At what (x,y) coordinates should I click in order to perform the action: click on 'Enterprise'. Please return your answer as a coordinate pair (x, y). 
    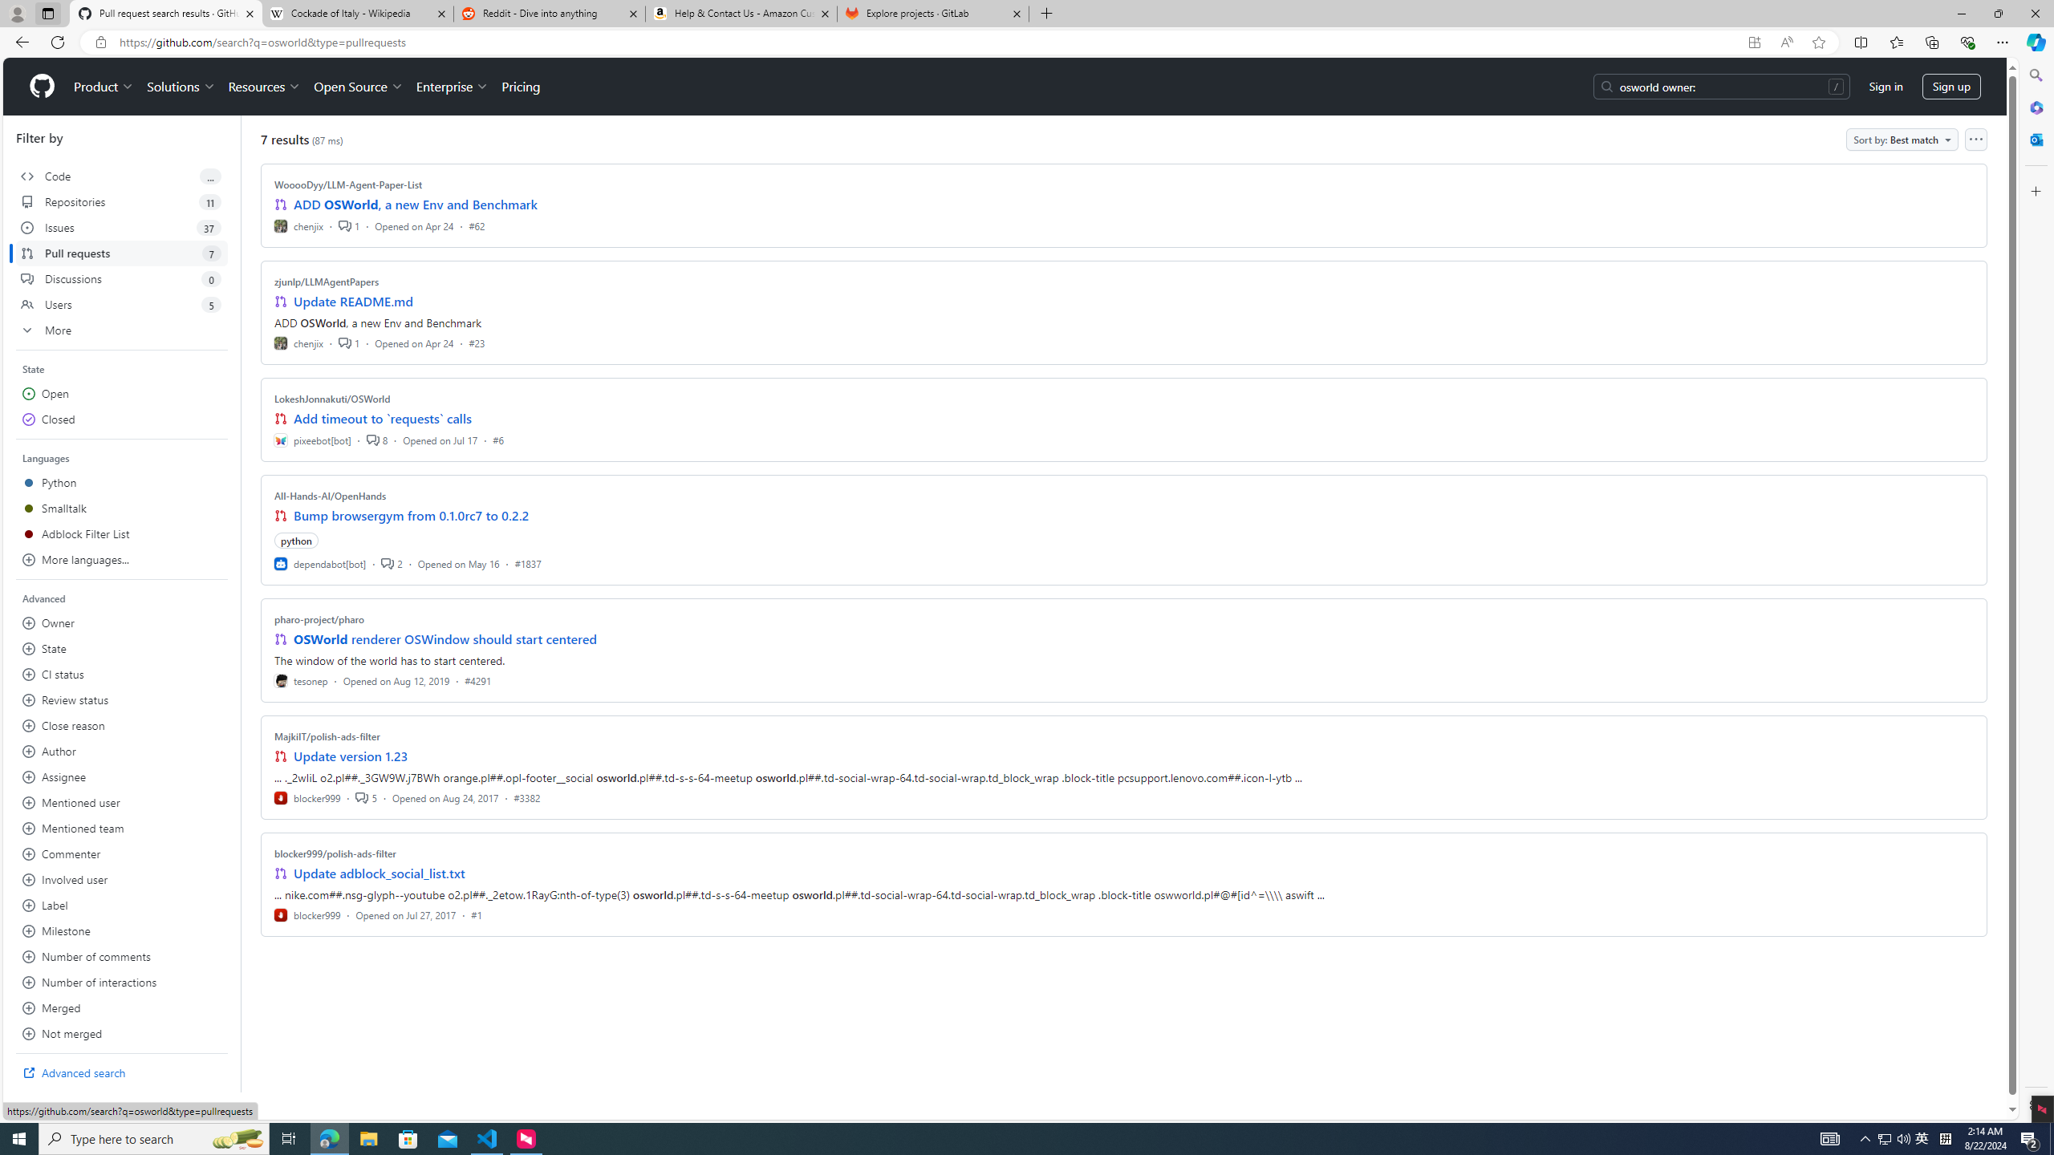
    Looking at the image, I should click on (451, 86).